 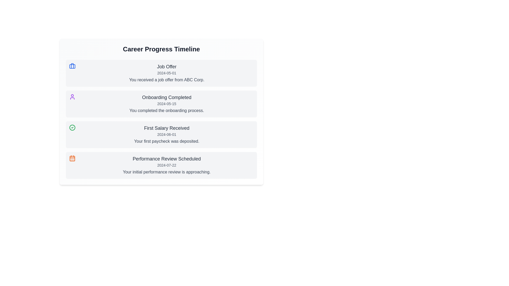 I want to click on the text label located in the fourth row of the timeline section, which provides a label for an event related to the user's career progress, so click(x=166, y=159).